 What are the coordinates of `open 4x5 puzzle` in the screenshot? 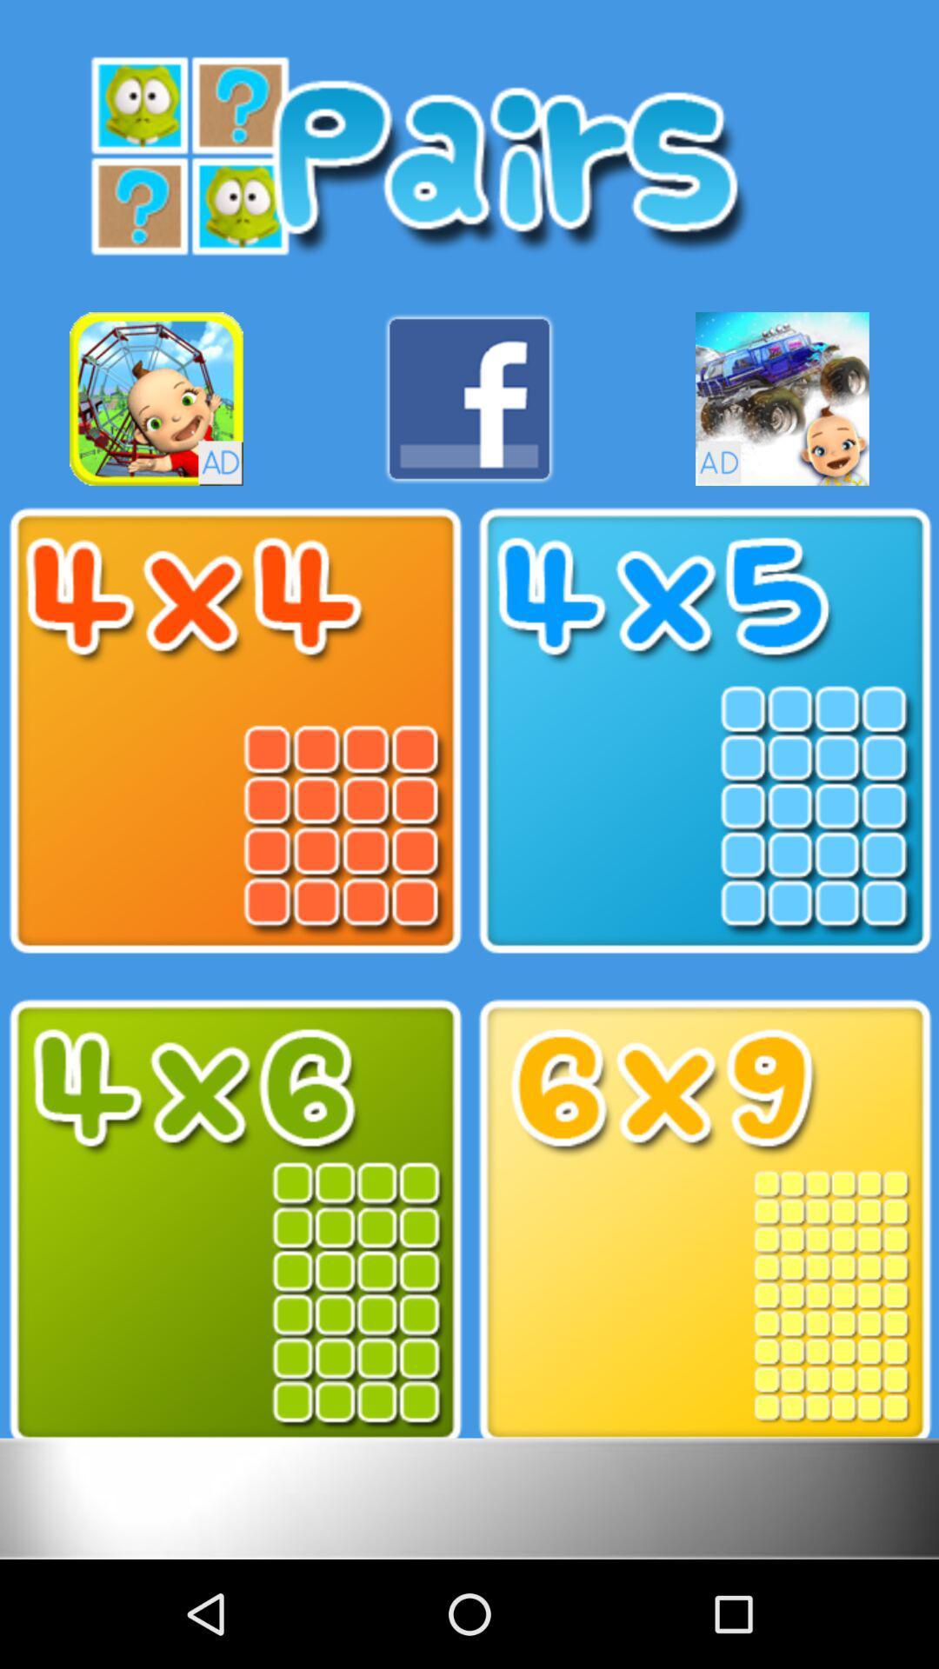 It's located at (704, 731).